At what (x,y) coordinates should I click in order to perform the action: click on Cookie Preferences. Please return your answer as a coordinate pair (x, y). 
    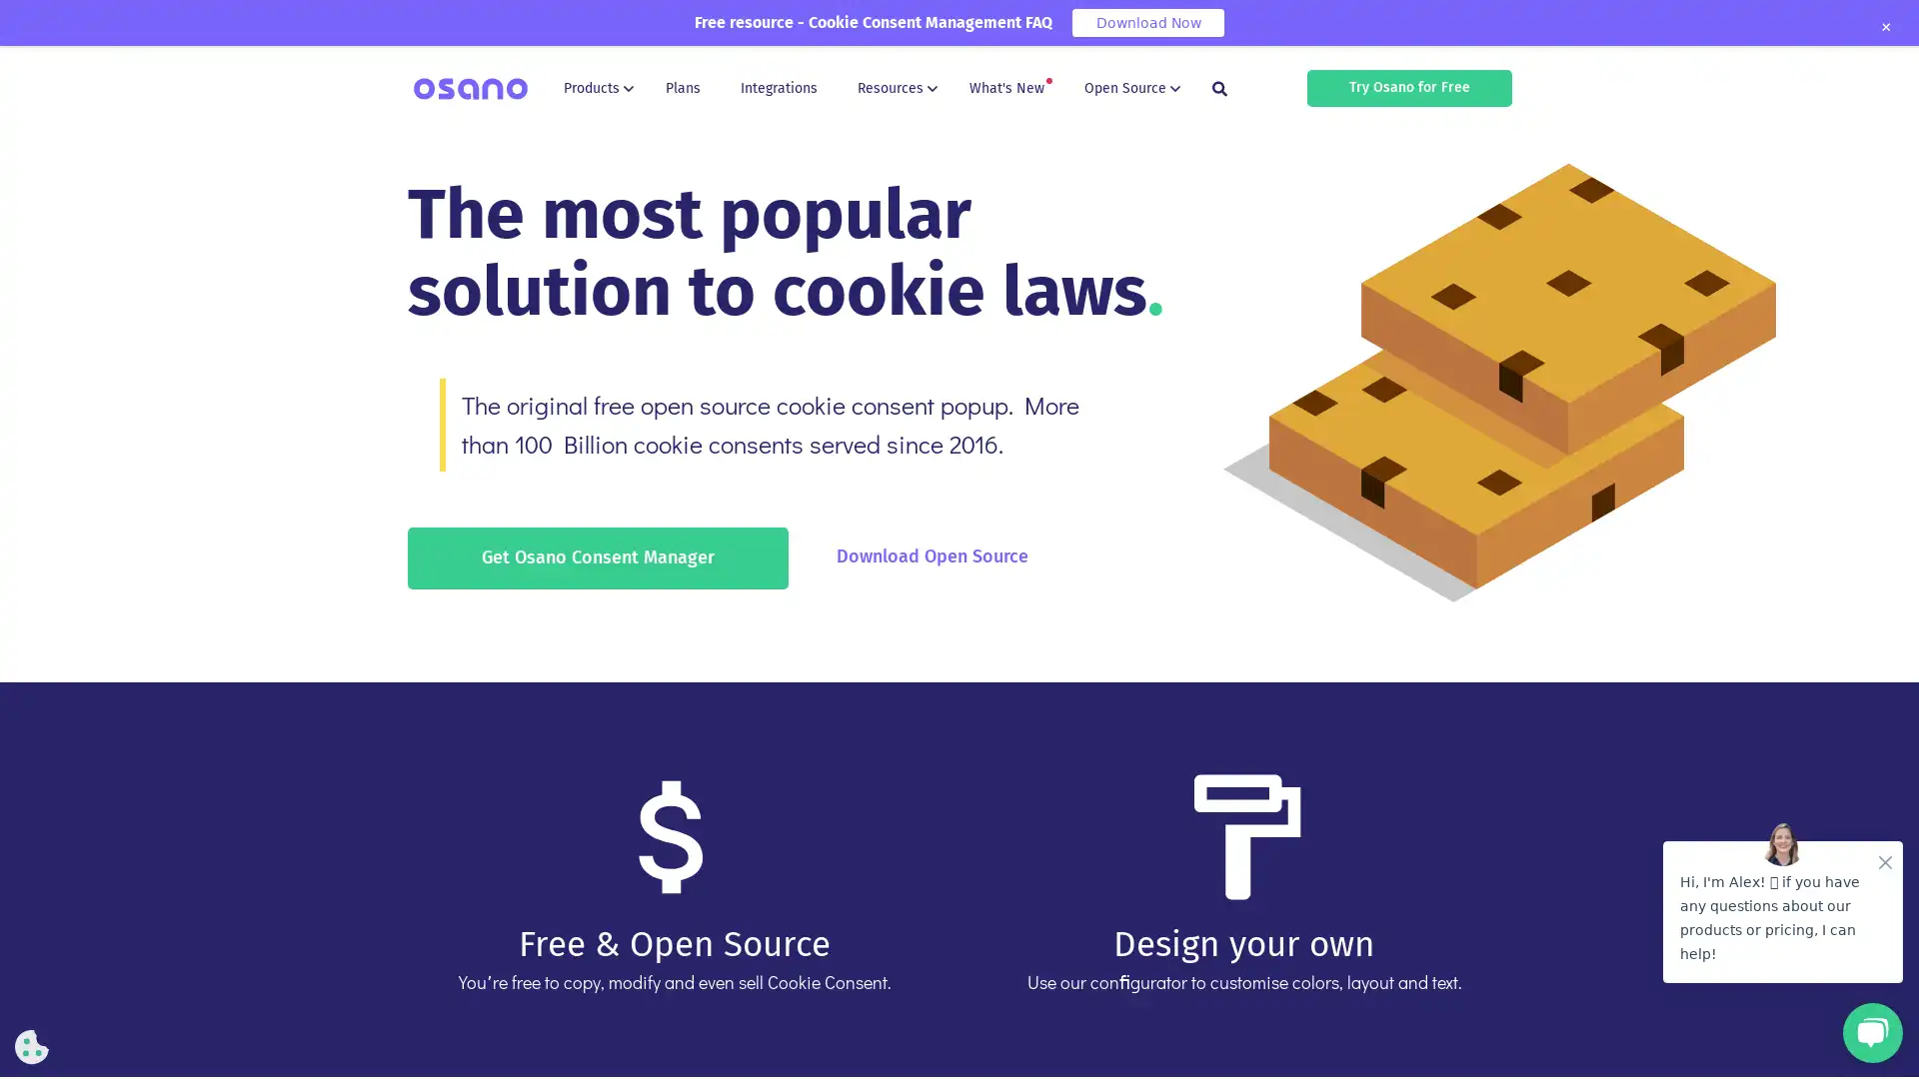
    Looking at the image, I should click on (32, 1046).